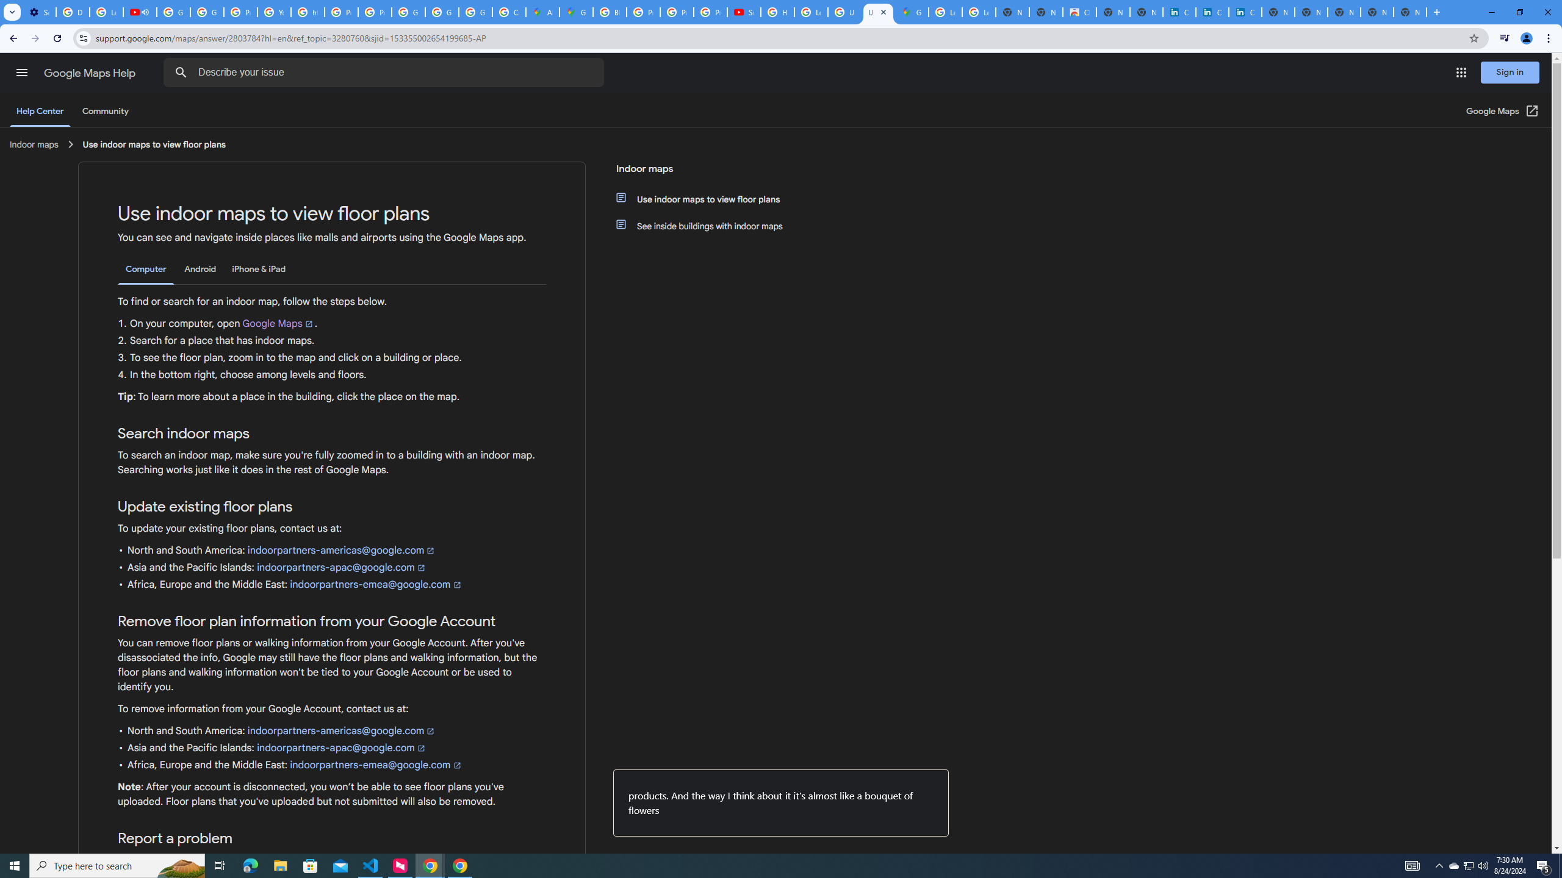 Image resolution: width=1562 pixels, height=878 pixels. What do you see at coordinates (777, 12) in the screenshot?
I see `'How Chrome protects your passwords - Google Chrome Help'` at bounding box center [777, 12].